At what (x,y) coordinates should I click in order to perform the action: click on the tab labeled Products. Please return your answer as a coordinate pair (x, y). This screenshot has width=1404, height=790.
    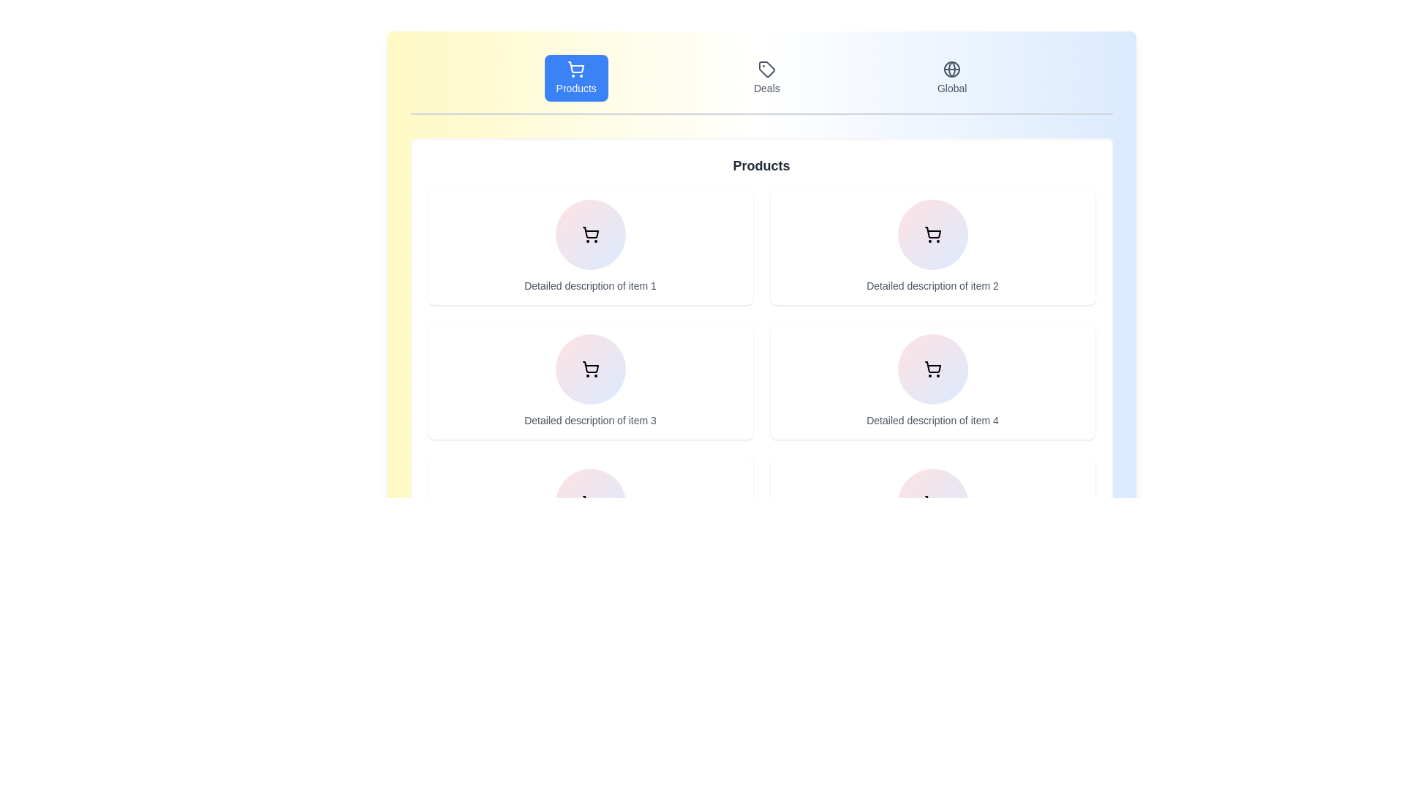
    Looking at the image, I should click on (575, 78).